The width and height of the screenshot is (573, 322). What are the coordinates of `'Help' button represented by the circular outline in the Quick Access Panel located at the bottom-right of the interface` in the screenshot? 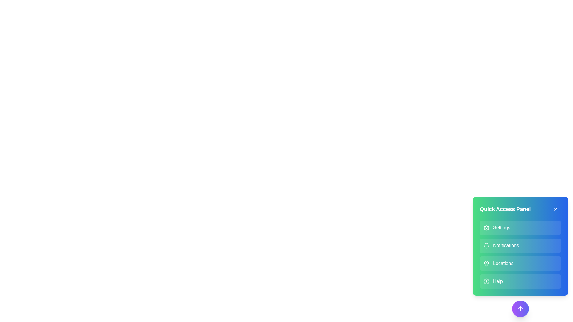 It's located at (486, 281).